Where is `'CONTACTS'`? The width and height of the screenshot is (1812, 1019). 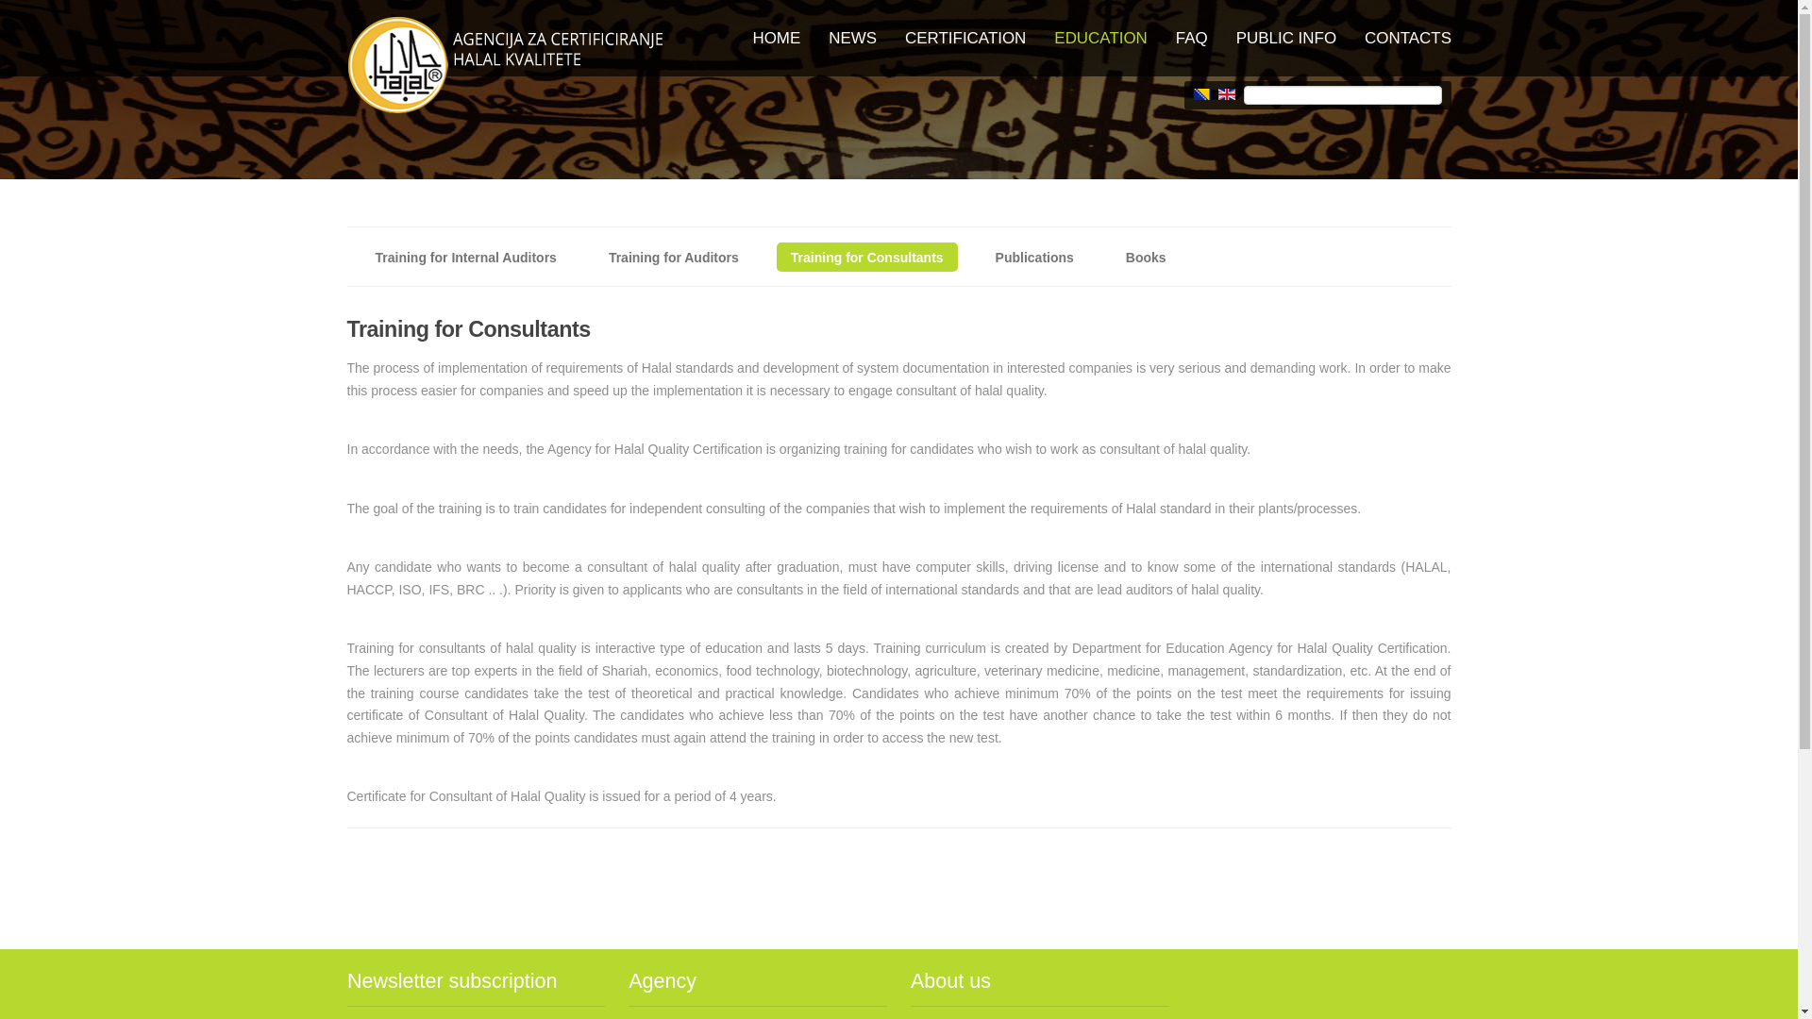 'CONTACTS' is located at coordinates (1349, 43).